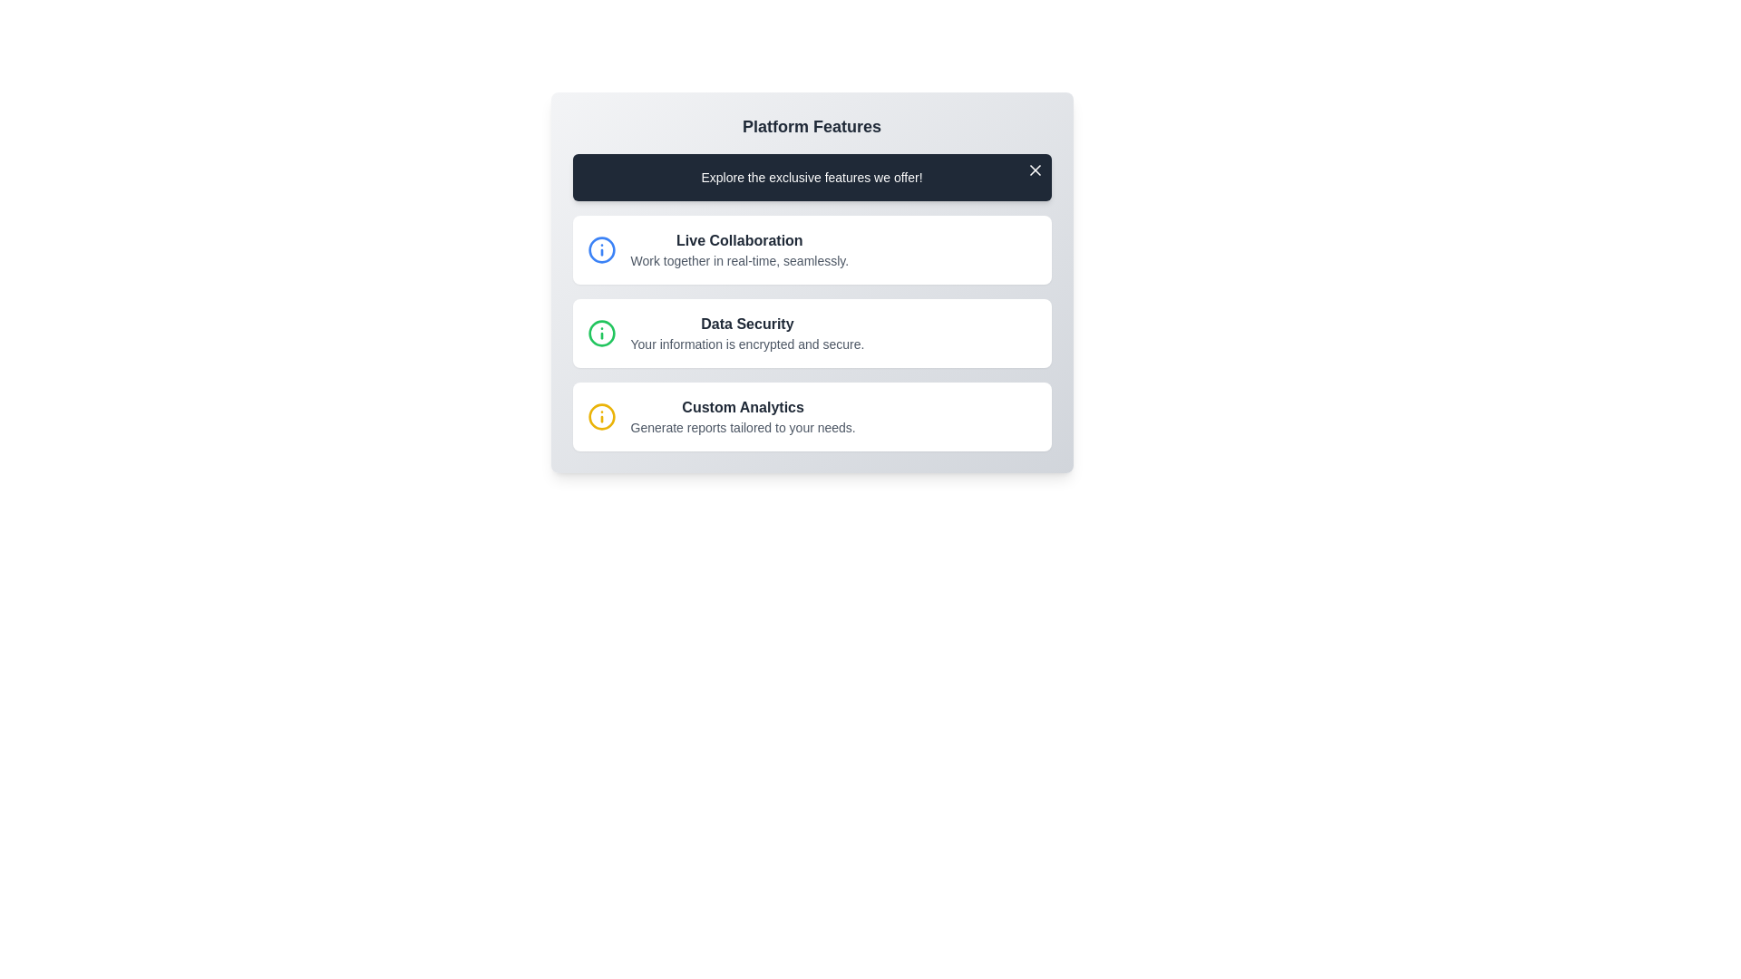 This screenshot has height=979, width=1741. I want to click on the circular icon with an 'i' symbol, so click(601, 333).